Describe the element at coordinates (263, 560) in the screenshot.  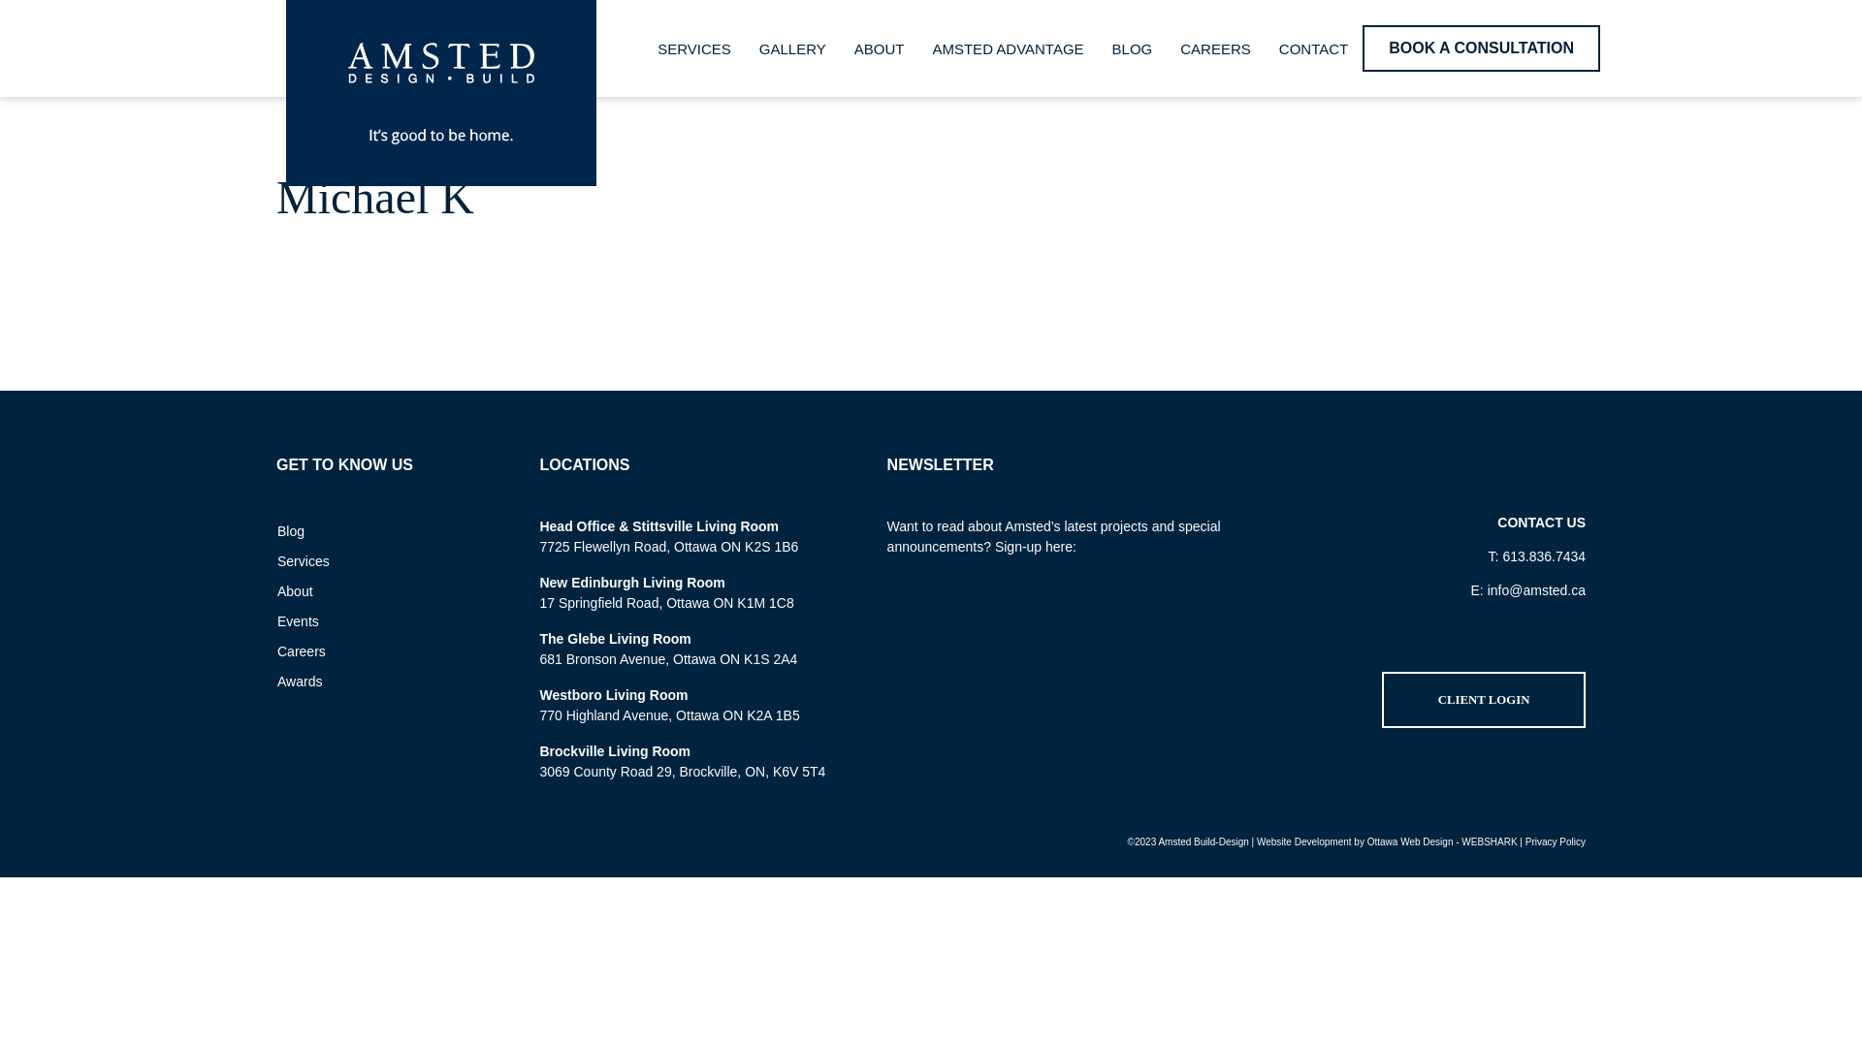
I see `'Services'` at that location.